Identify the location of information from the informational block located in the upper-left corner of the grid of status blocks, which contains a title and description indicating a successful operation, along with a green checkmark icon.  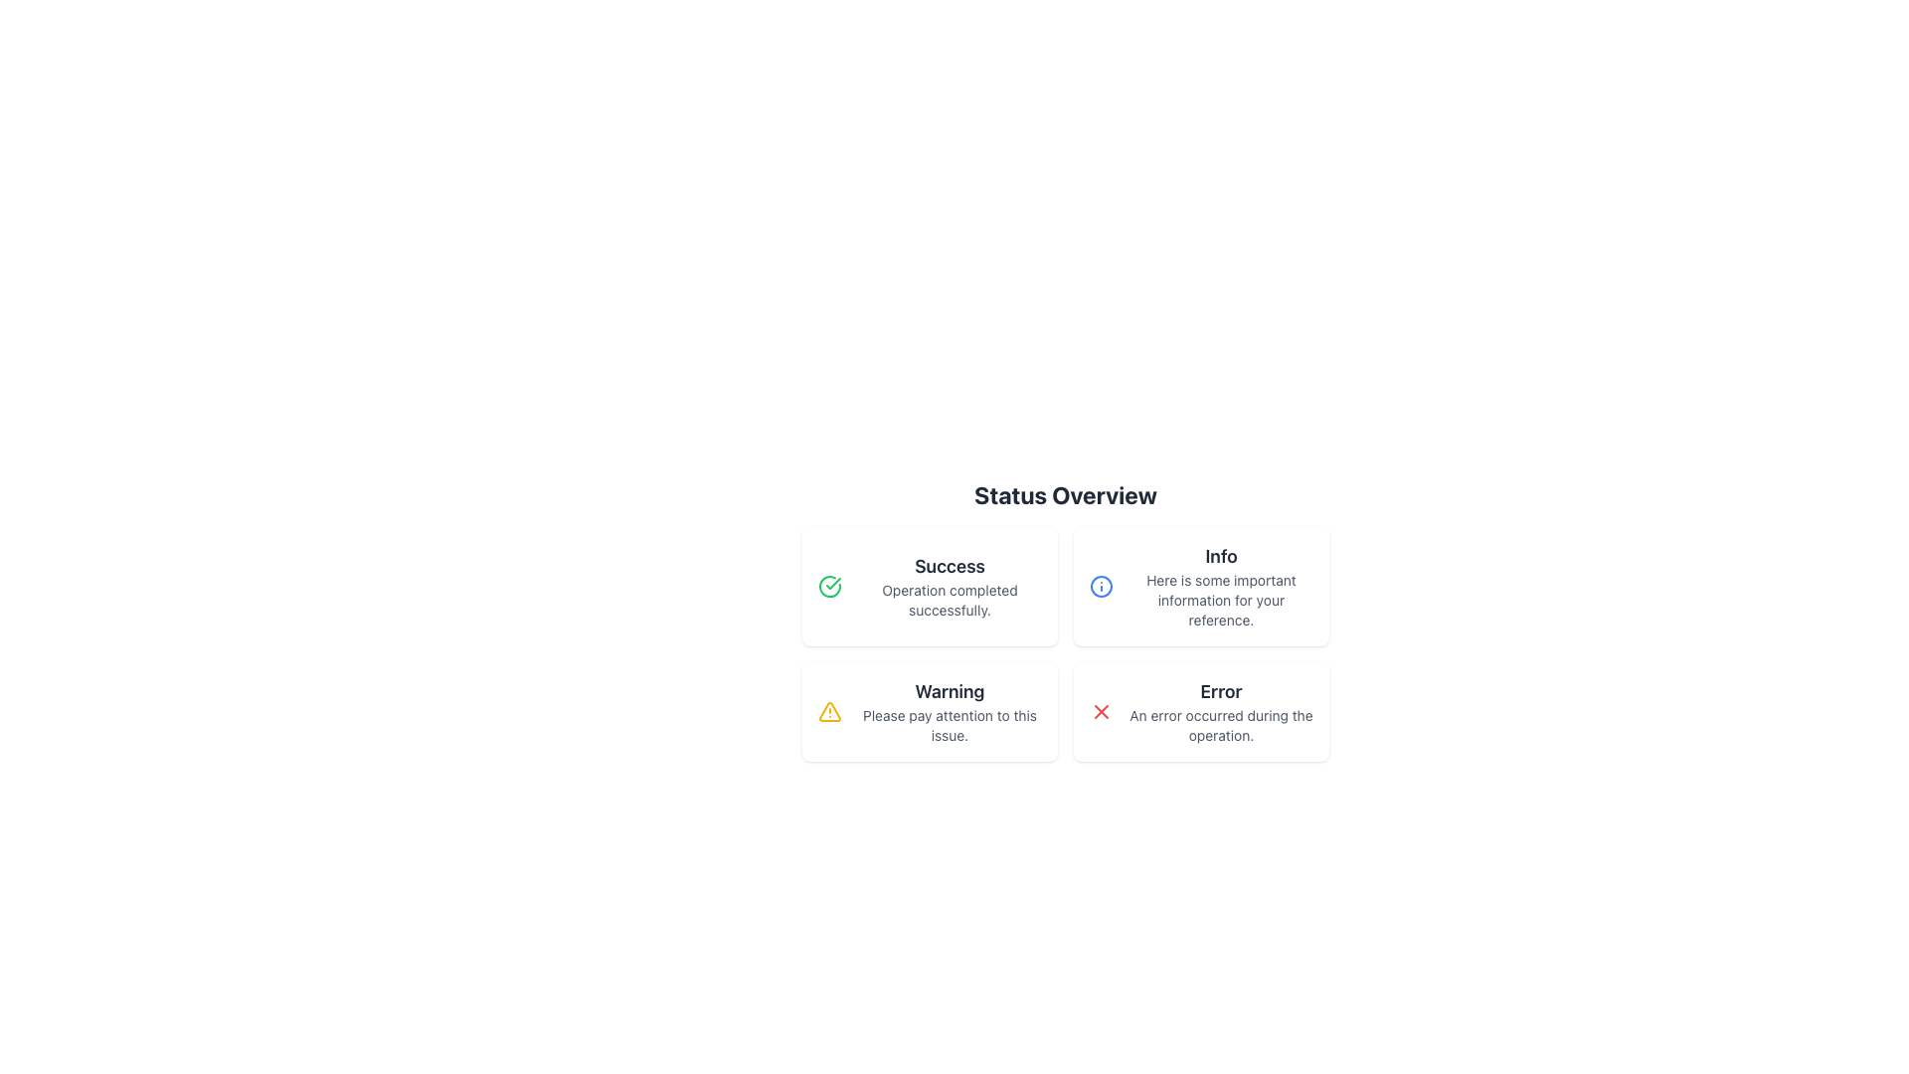
(949, 586).